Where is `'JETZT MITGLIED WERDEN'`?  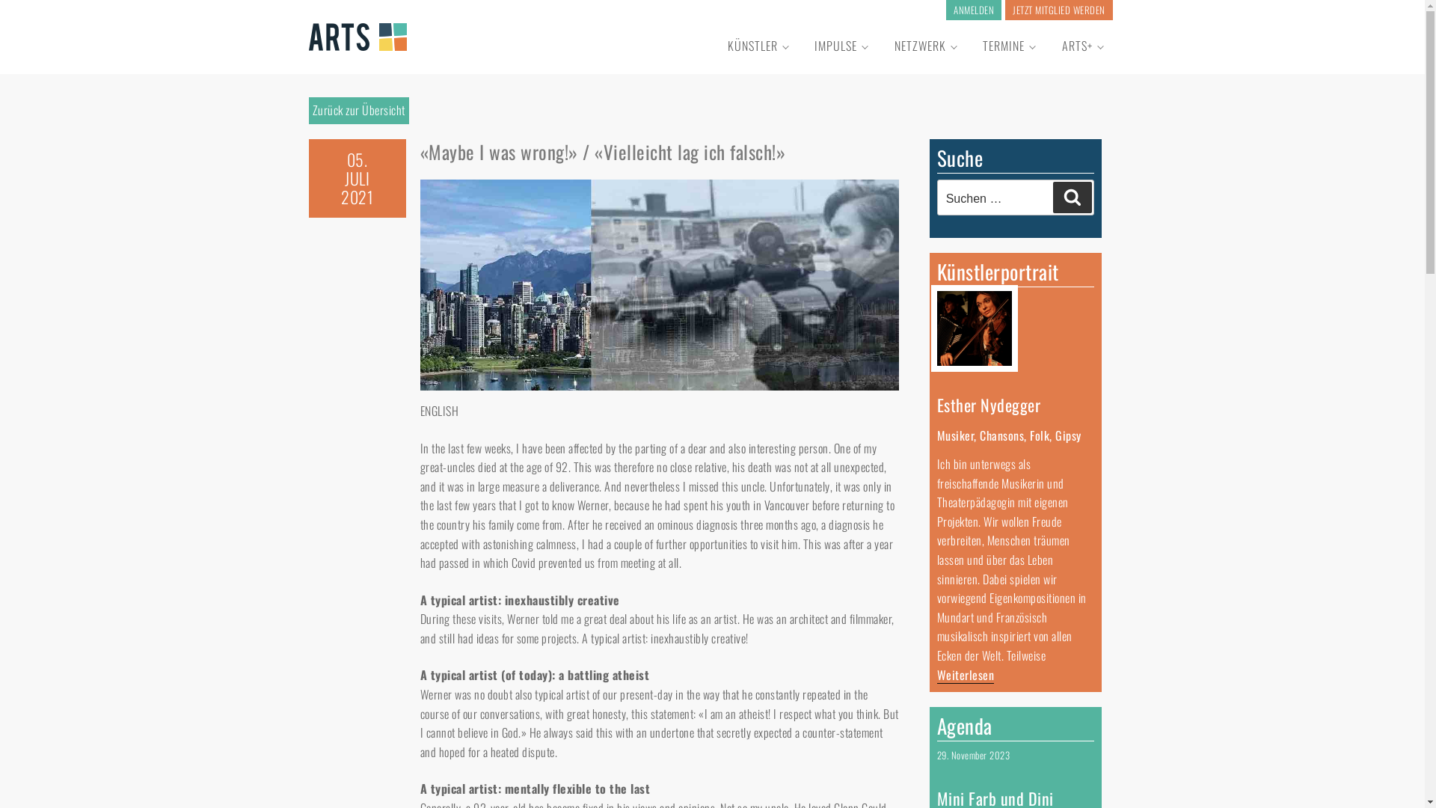
'JETZT MITGLIED WERDEN' is located at coordinates (1058, 10).